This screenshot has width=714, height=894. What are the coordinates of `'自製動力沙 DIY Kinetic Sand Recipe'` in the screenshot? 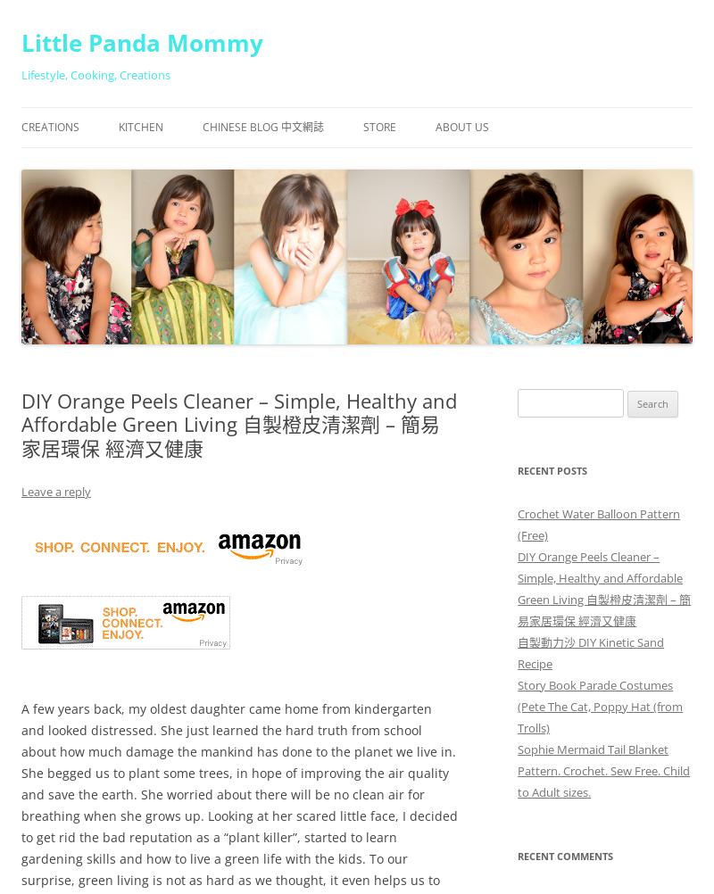 It's located at (590, 652).